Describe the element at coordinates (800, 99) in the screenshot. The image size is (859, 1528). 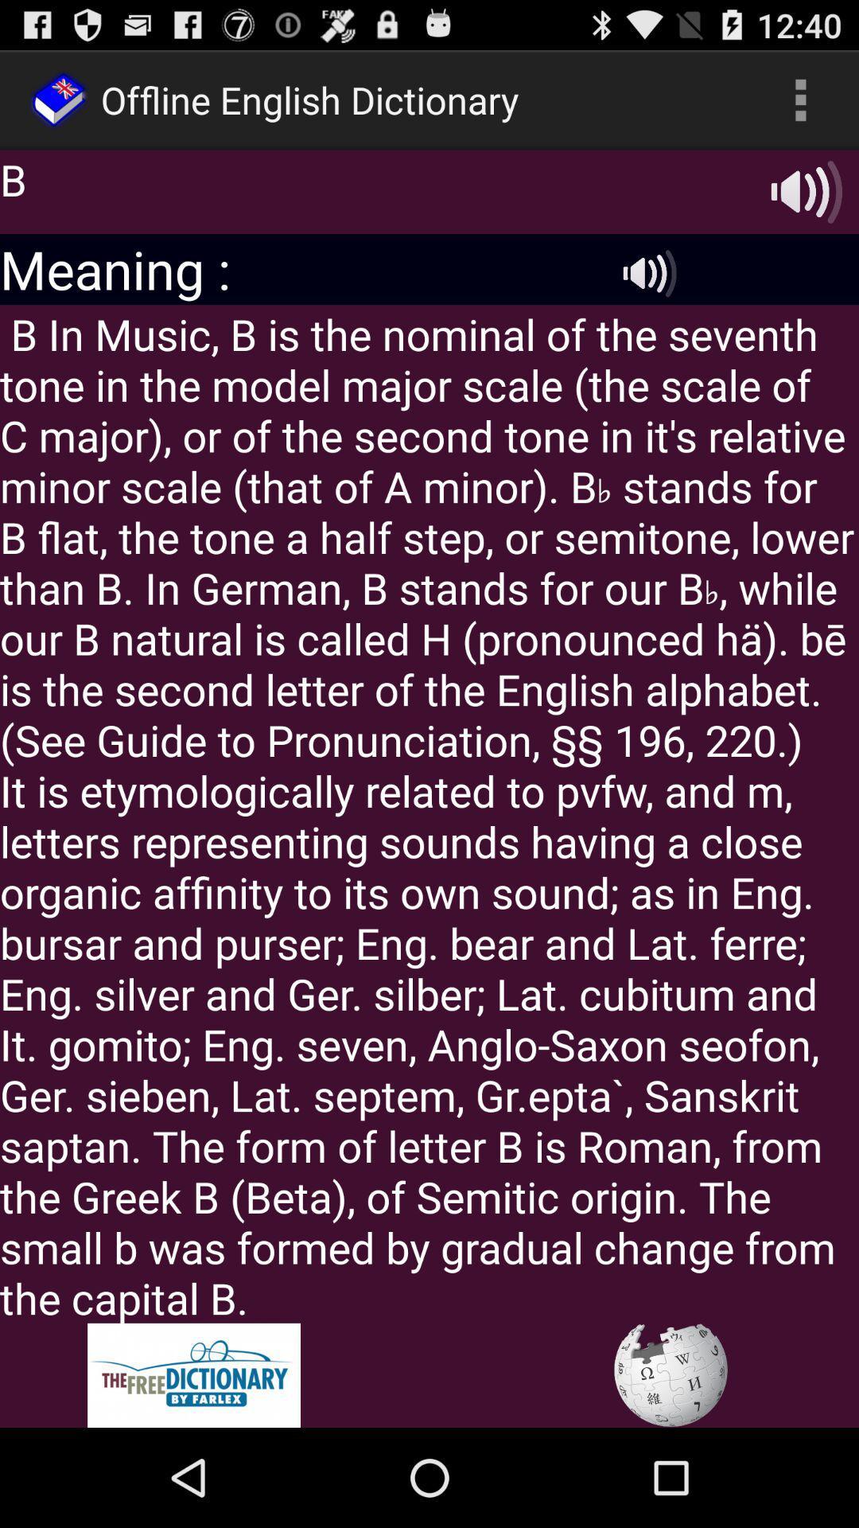
I see `the item next to offline english dictionary` at that location.